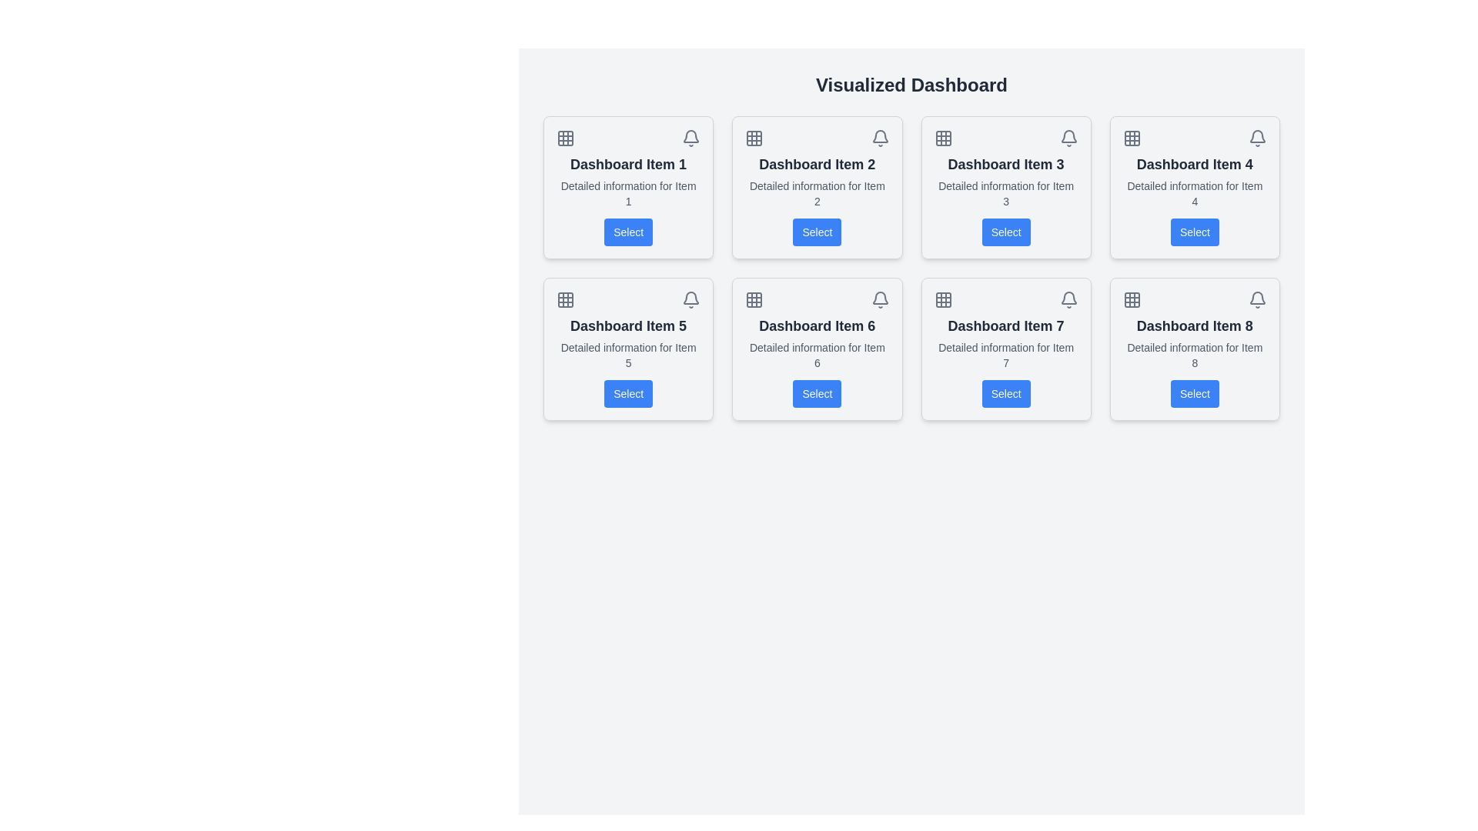 The image size is (1478, 831). What do you see at coordinates (816, 355) in the screenshot?
I see `the Text Label located within the 'Dashboard Item 6' card, which provides additional information related to the card's main topic` at bounding box center [816, 355].